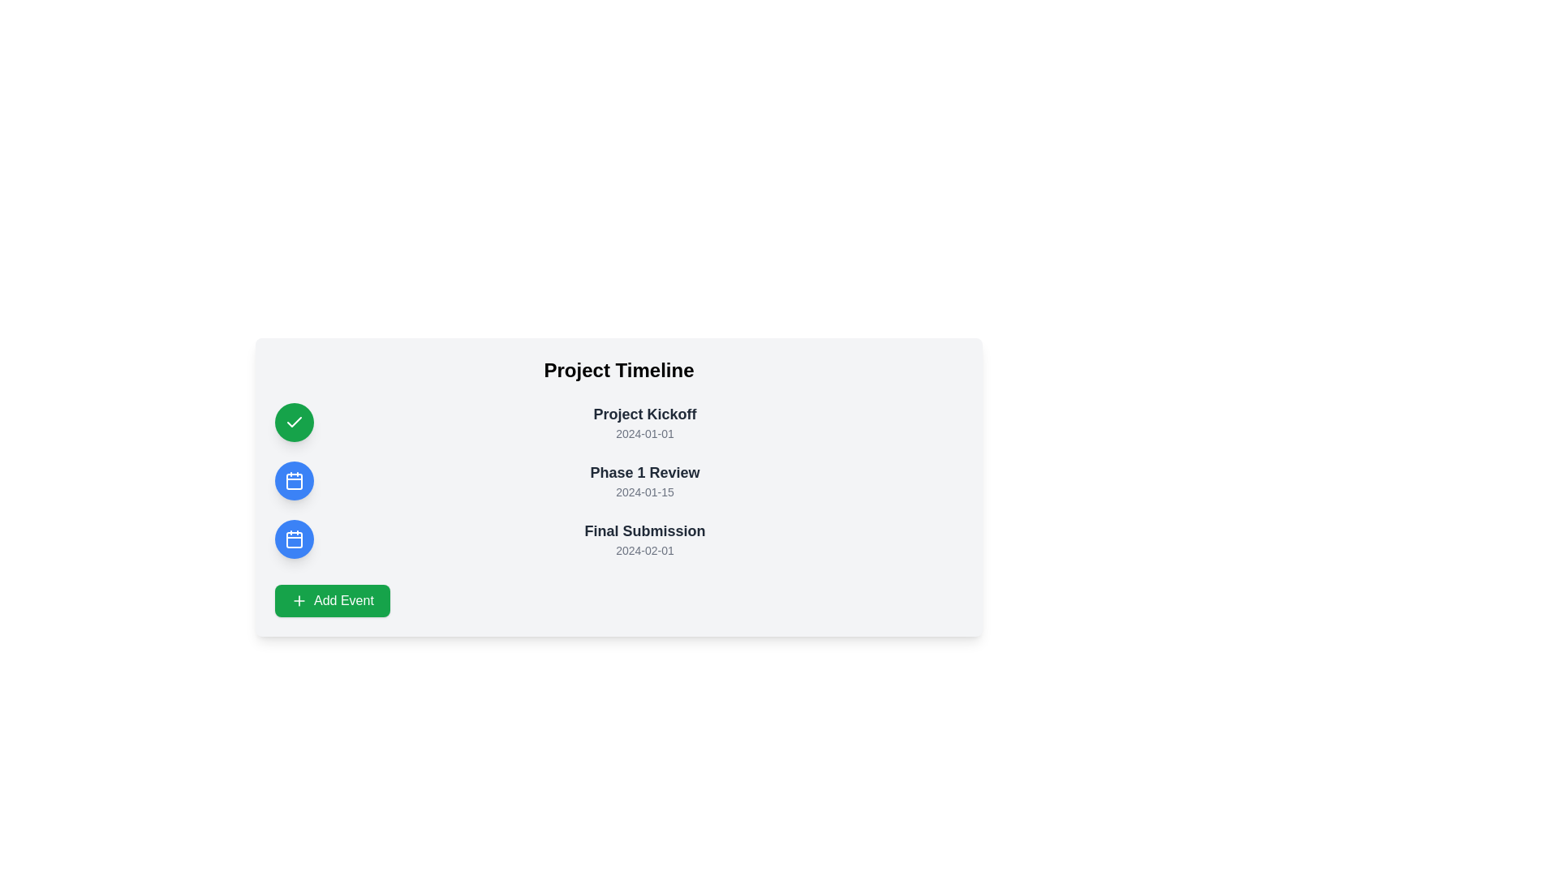  Describe the element at coordinates (295, 480) in the screenshot. I see `the calendar icon in the left sidebar, which is outlined in white on a blue circular background` at that location.